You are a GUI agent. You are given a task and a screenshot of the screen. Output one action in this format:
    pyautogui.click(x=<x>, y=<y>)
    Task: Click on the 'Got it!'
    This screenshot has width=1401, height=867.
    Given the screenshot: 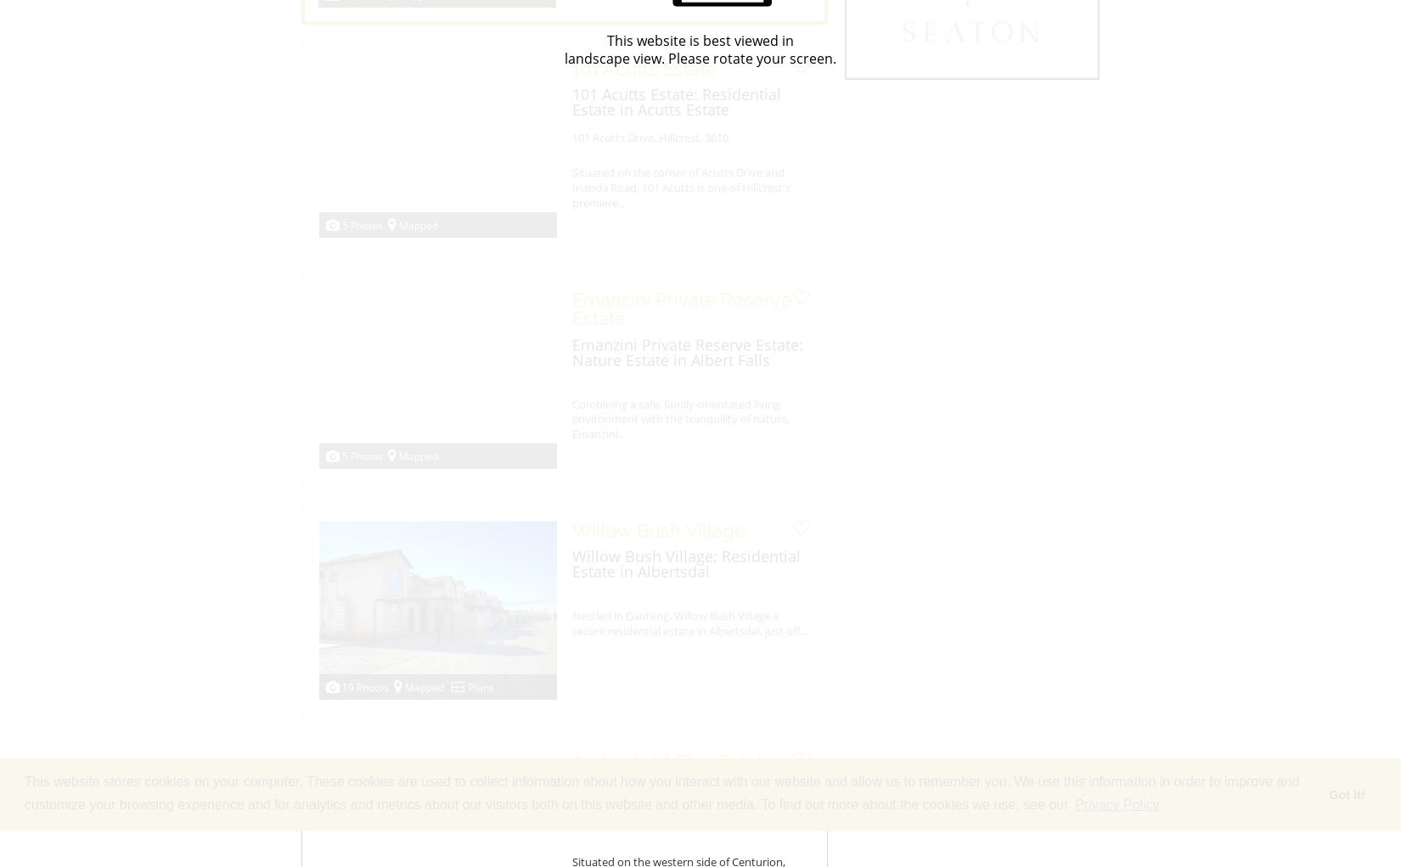 What is the action you would take?
    pyautogui.click(x=1328, y=794)
    